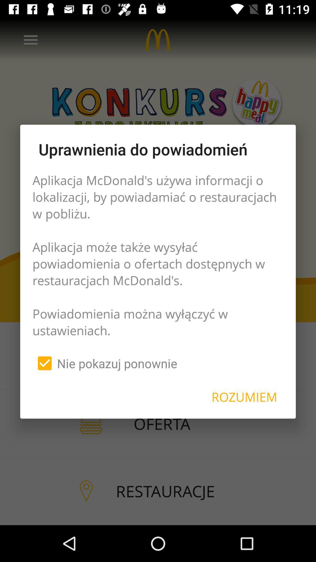 This screenshot has height=562, width=316. I want to click on rozumiem, so click(244, 397).